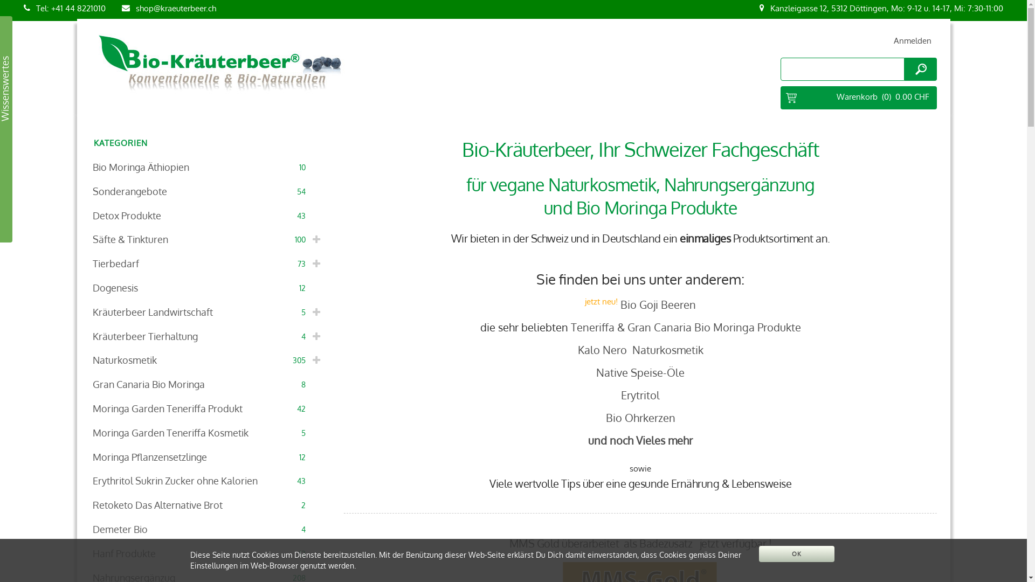 The image size is (1035, 582). What do you see at coordinates (209, 216) in the screenshot?
I see `'Detox Produkte` at bounding box center [209, 216].